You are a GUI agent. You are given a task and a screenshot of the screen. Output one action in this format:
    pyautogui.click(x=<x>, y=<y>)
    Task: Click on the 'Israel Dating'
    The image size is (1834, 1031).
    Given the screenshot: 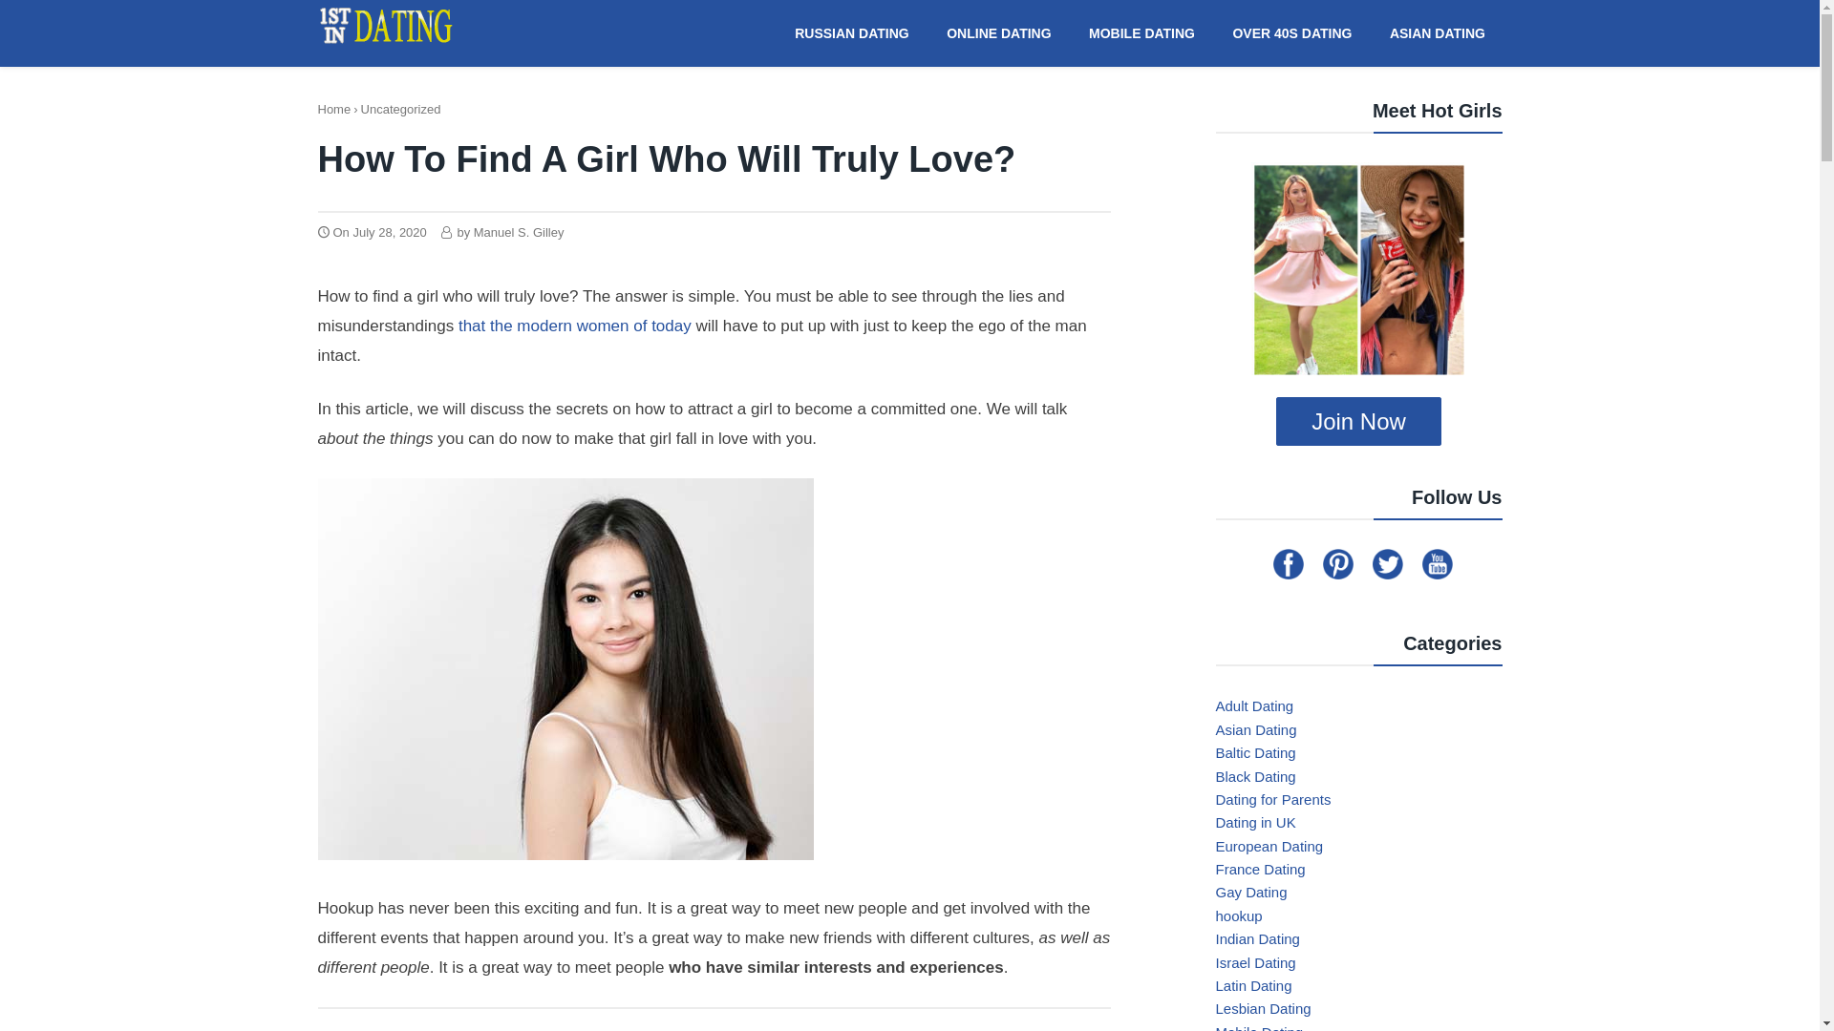 What is the action you would take?
    pyautogui.click(x=1214, y=962)
    